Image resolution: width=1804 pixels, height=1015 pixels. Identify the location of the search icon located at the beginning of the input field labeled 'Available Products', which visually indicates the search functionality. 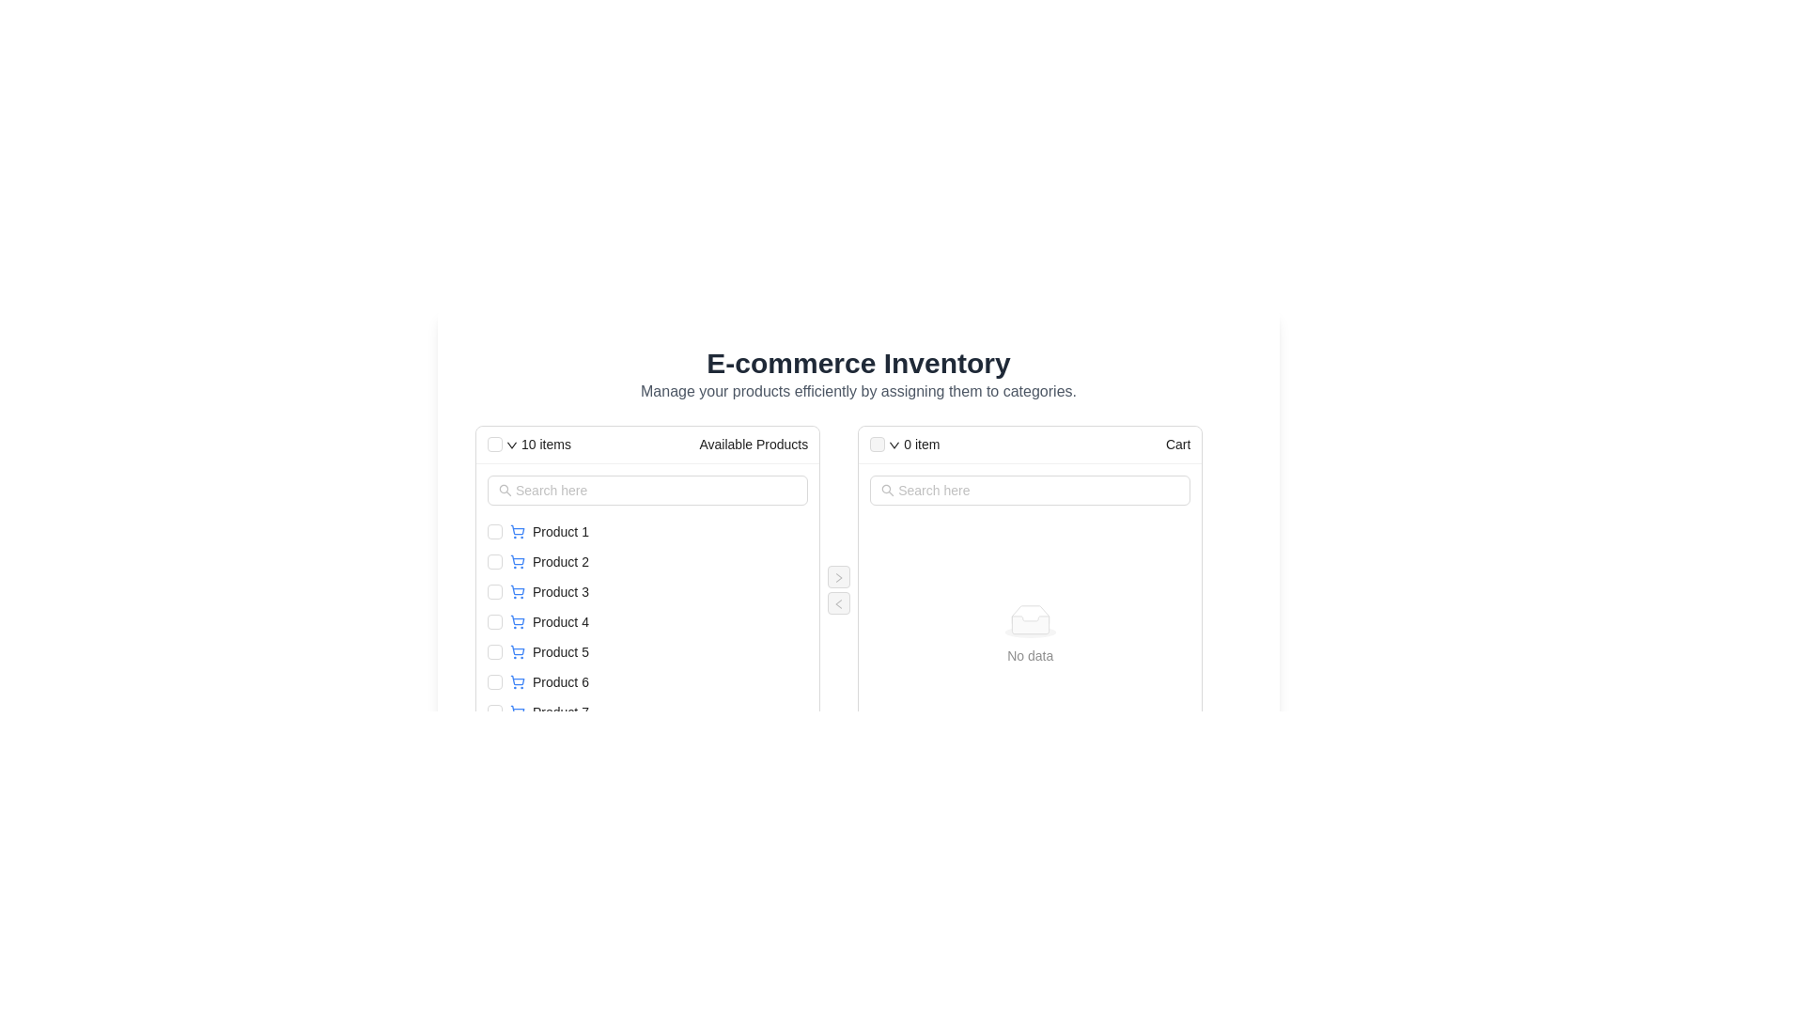
(505, 489).